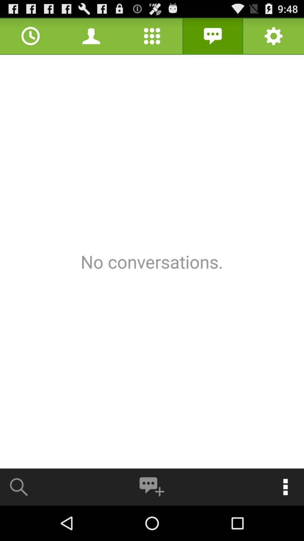 The height and width of the screenshot is (541, 304). Describe the element at coordinates (19, 487) in the screenshot. I see `search` at that location.